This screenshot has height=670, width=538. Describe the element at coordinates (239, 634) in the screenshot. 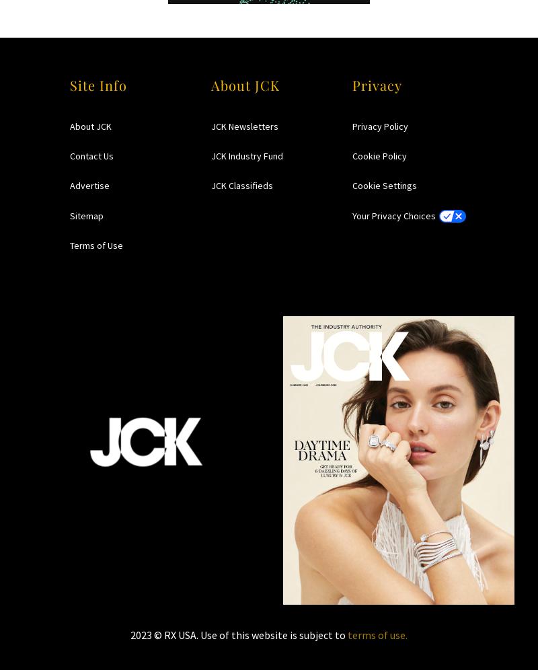

I see `'2023 © RX USA. Use of this website is subject to'` at that location.